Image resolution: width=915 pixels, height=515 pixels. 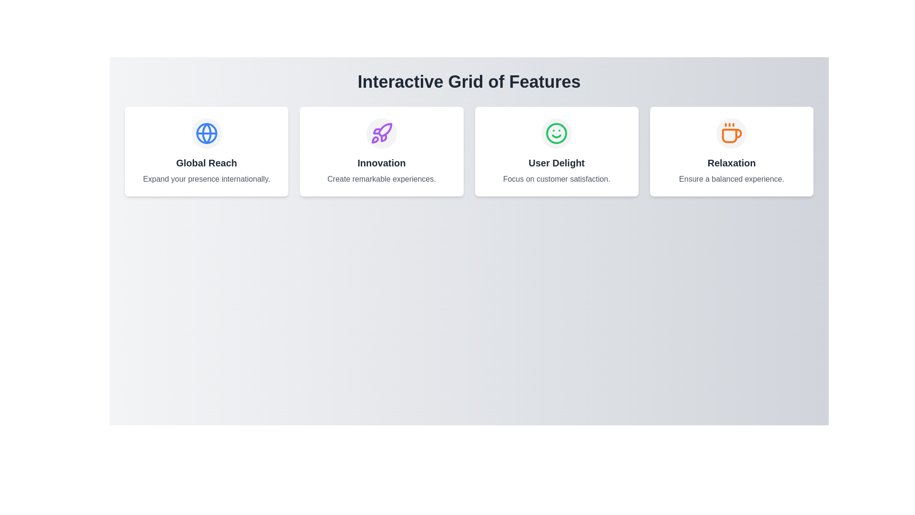 What do you see at coordinates (206, 151) in the screenshot?
I see `the Information card located in the top-left corner of the grid` at bounding box center [206, 151].